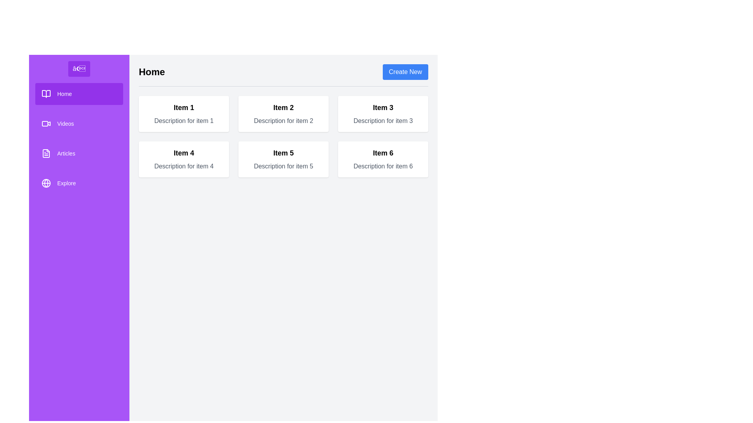 The image size is (753, 423). I want to click on text from the bold 'Home' label located at the top-left section of the interface, positioned to the left of the 'Create New' button, so click(152, 72).